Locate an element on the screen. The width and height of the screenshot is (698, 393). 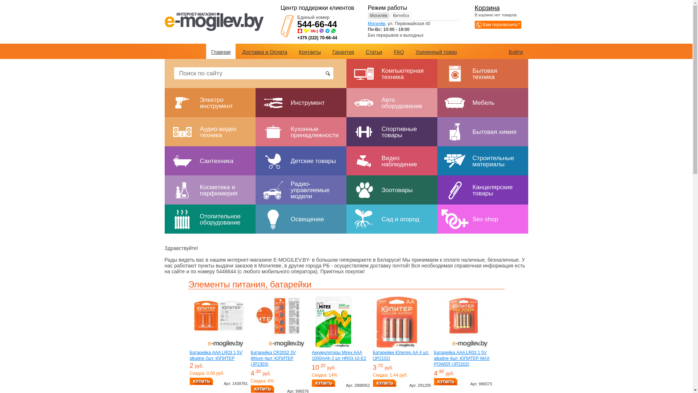
'544-66-44' is located at coordinates (317, 24).